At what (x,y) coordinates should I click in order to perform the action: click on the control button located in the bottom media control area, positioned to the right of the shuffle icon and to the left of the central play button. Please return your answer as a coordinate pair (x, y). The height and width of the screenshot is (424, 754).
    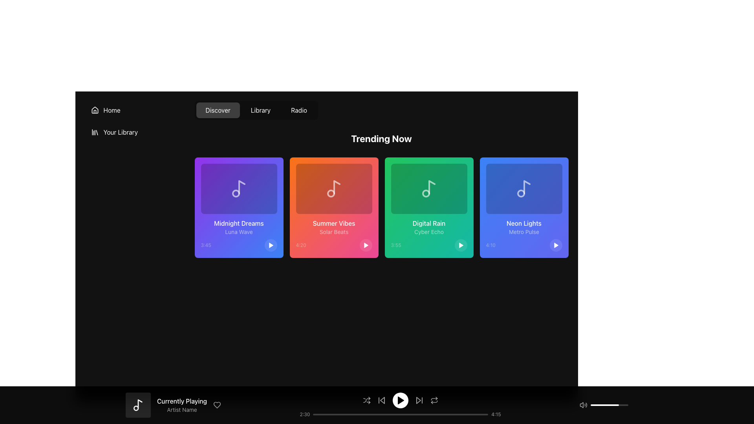
    Looking at the image, I should click on (381, 400).